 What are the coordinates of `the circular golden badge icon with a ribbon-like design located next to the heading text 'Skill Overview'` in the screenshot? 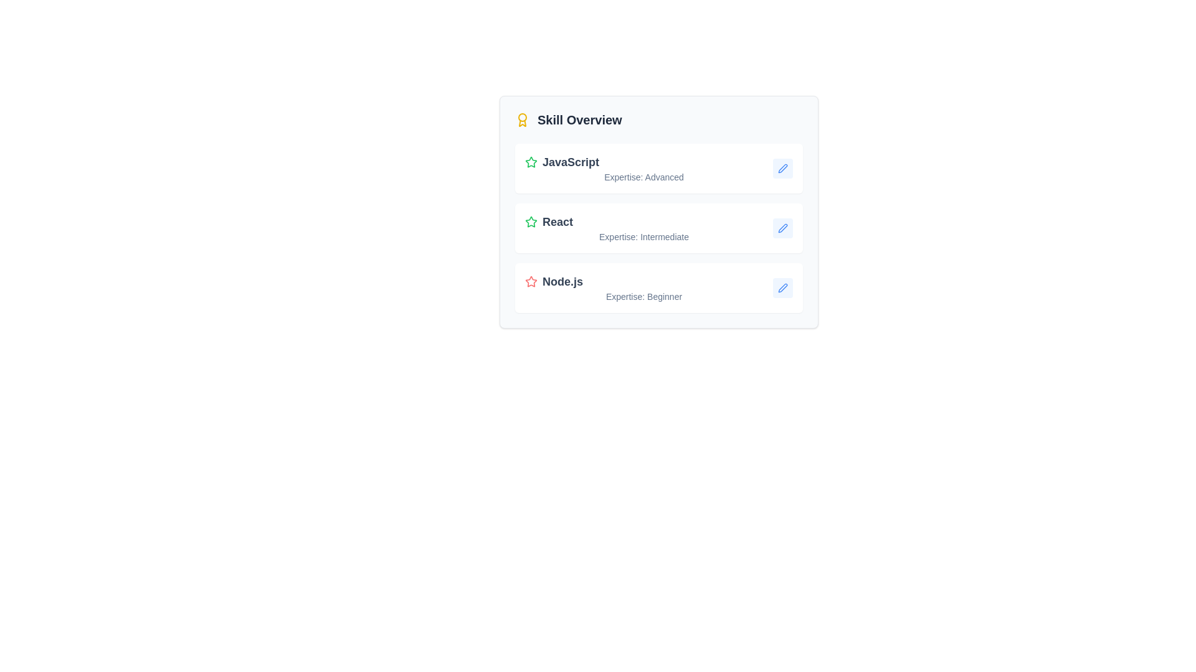 It's located at (523, 119).